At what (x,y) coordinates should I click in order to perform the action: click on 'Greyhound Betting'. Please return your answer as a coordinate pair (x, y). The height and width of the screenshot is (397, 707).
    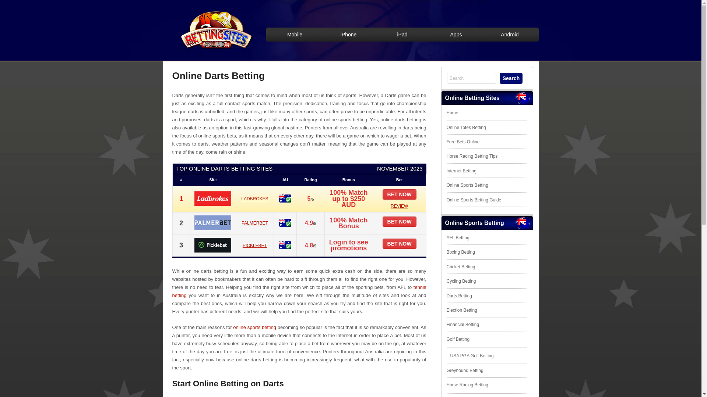
    Looking at the image, I should click on (446, 370).